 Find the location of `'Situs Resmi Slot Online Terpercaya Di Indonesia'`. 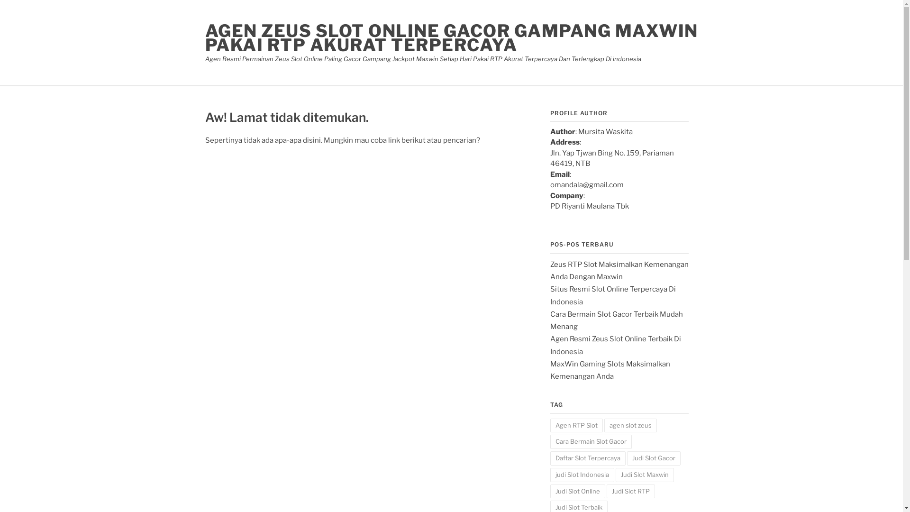

'Situs Resmi Slot Online Terpercaya Di Indonesia' is located at coordinates (612, 295).